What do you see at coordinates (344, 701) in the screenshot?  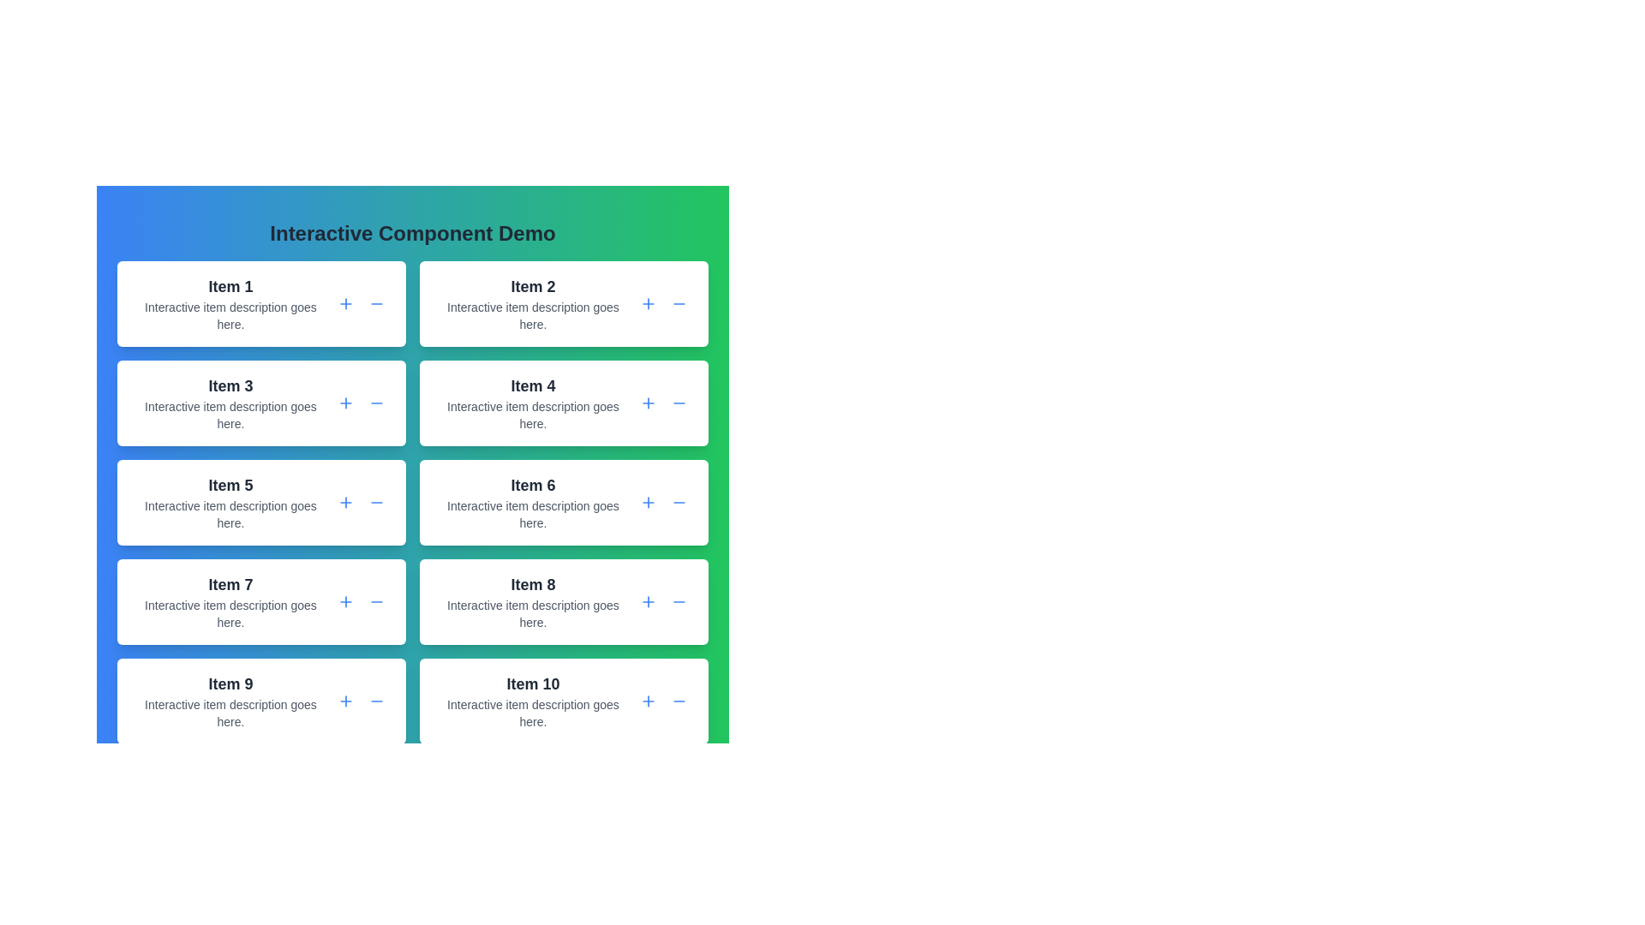 I see `the blue plus icon button located to the right of the text 'Interactive item description goes here'` at bounding box center [344, 701].